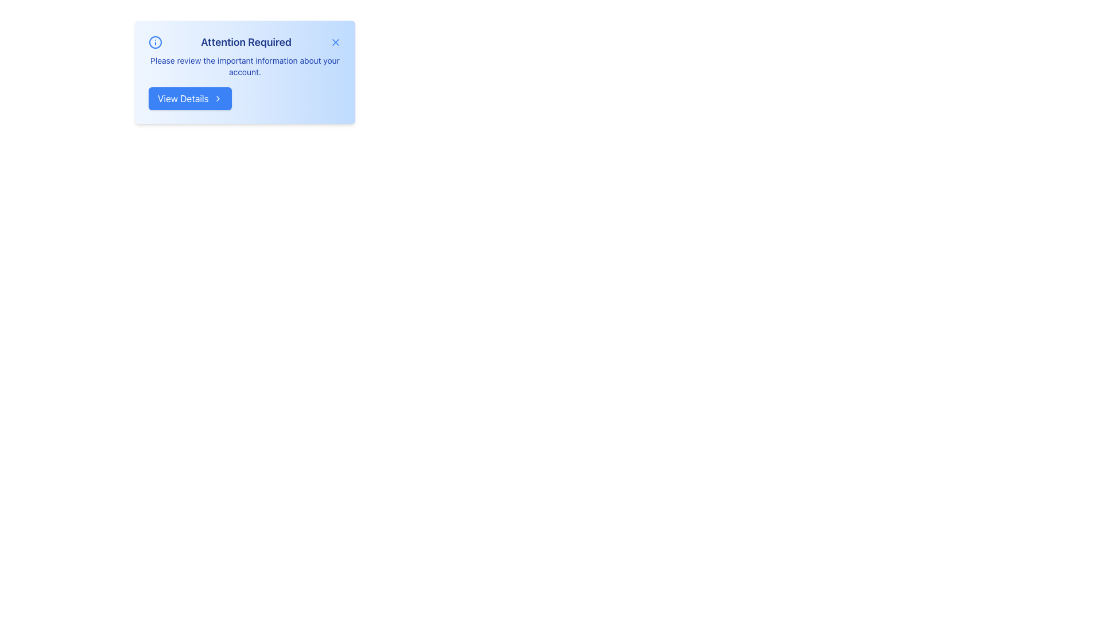  Describe the element at coordinates (245, 41) in the screenshot. I see `the heading text label that reads 'Attention Required', which is prominently styled in bold blue within a gradient blue notification box` at that location.